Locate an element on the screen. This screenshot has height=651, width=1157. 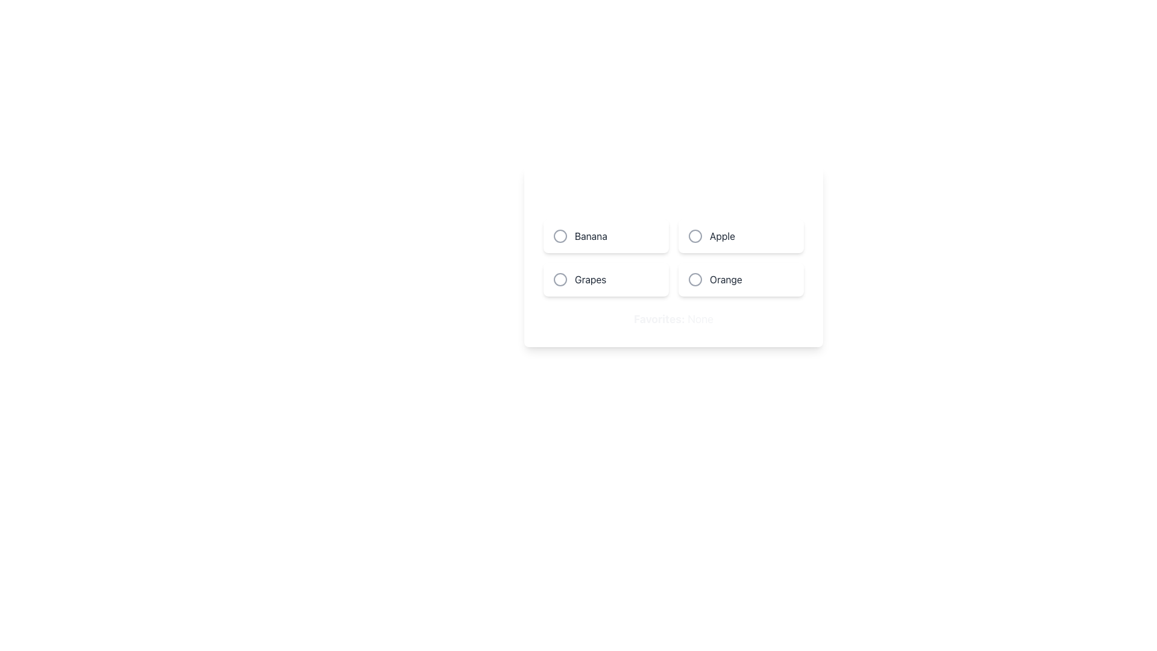
the grid layout containing selectable fruit options (Banana, Apple, Grapes, and Orange) is located at coordinates (673, 257).